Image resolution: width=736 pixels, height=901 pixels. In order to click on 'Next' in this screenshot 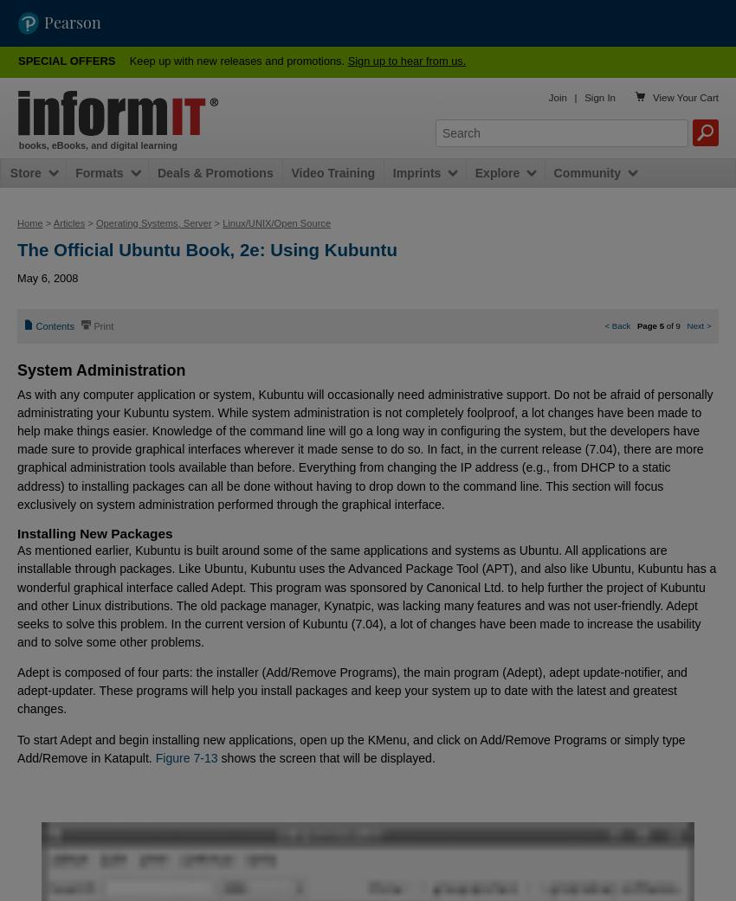, I will do `click(695, 325)`.